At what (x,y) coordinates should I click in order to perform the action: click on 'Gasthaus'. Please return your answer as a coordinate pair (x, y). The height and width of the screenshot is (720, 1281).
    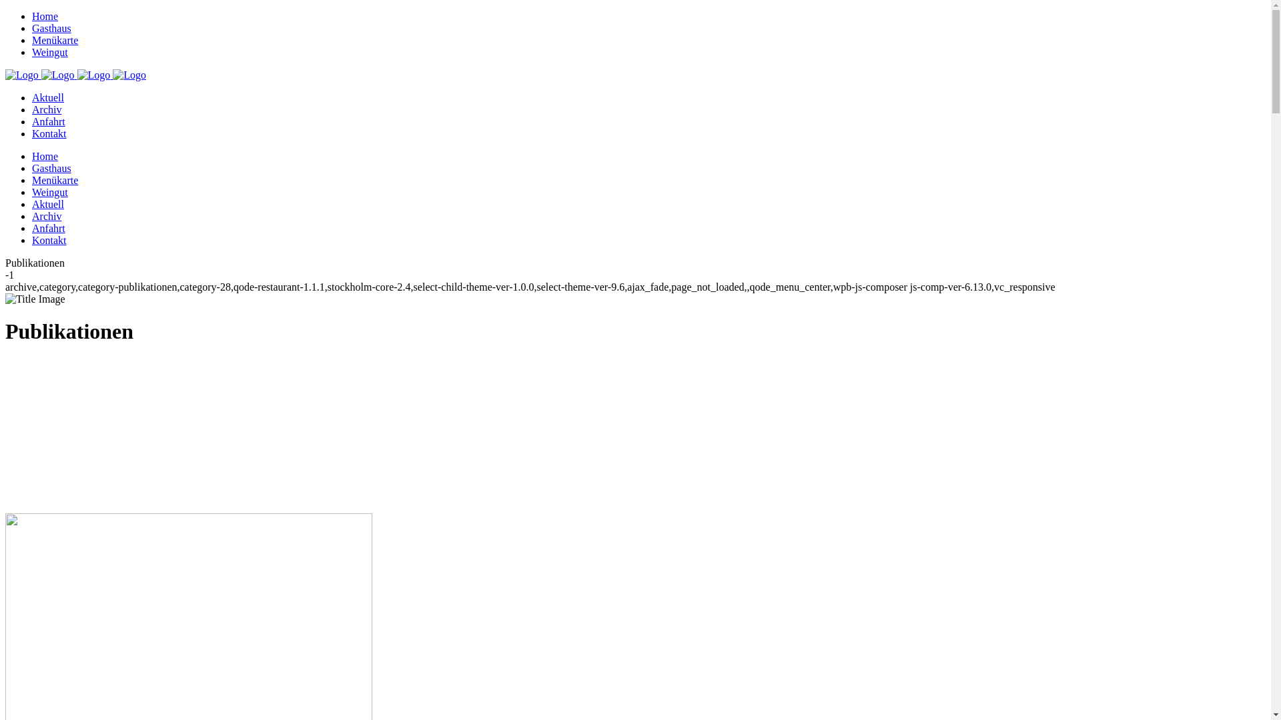
    Looking at the image, I should click on (51, 167).